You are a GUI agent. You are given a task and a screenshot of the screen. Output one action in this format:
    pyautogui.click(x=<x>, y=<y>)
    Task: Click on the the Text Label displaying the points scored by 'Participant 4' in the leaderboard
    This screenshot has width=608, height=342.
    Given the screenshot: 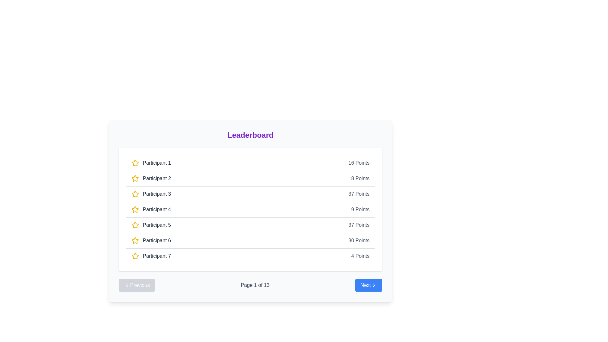 What is the action you would take?
    pyautogui.click(x=360, y=210)
    